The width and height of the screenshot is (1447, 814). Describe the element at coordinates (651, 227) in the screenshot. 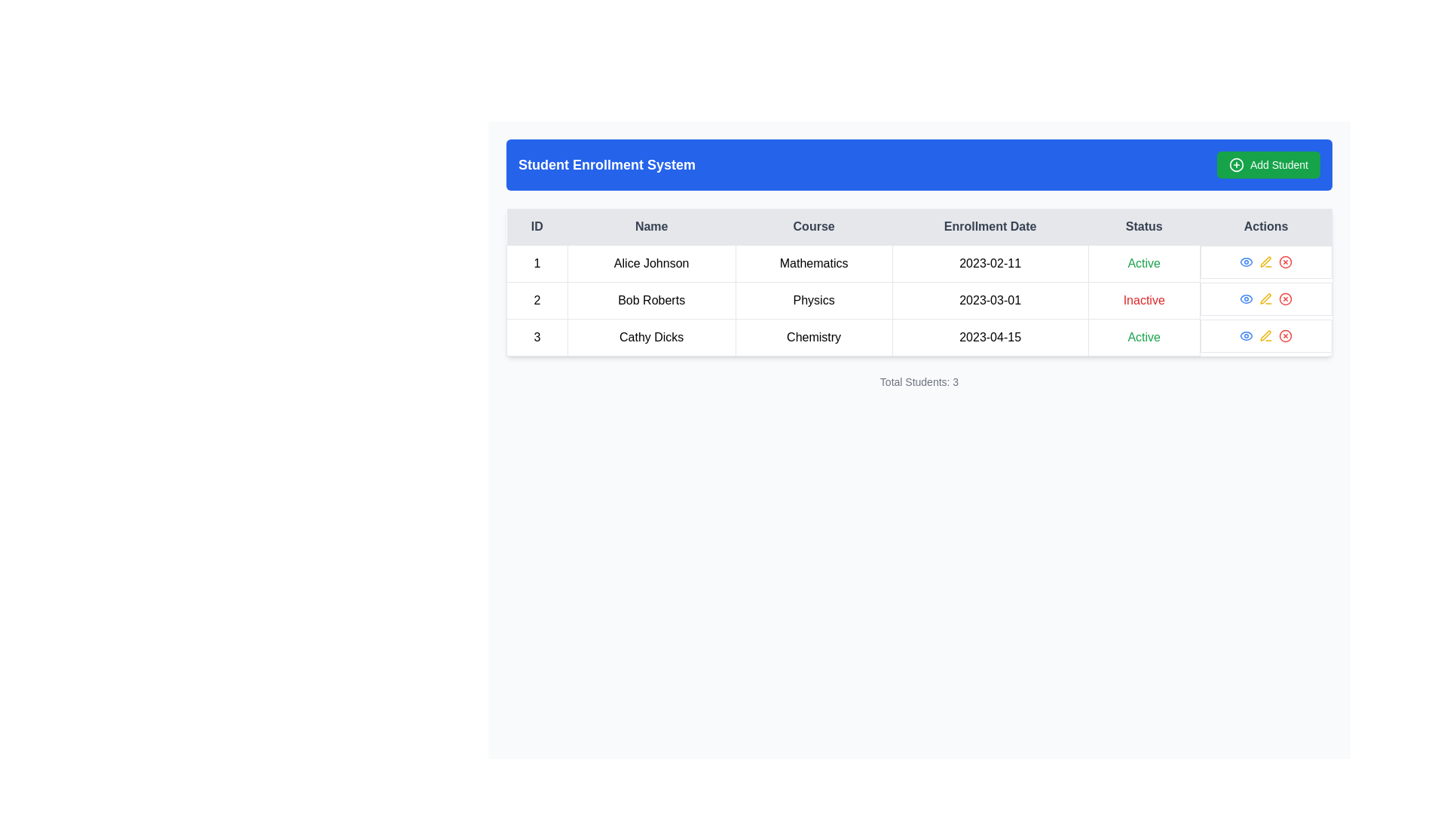

I see `the column header label that indicates names in the table, located between the 'ID' and 'Course' columns under the 'Student Enrollment System' header` at that location.